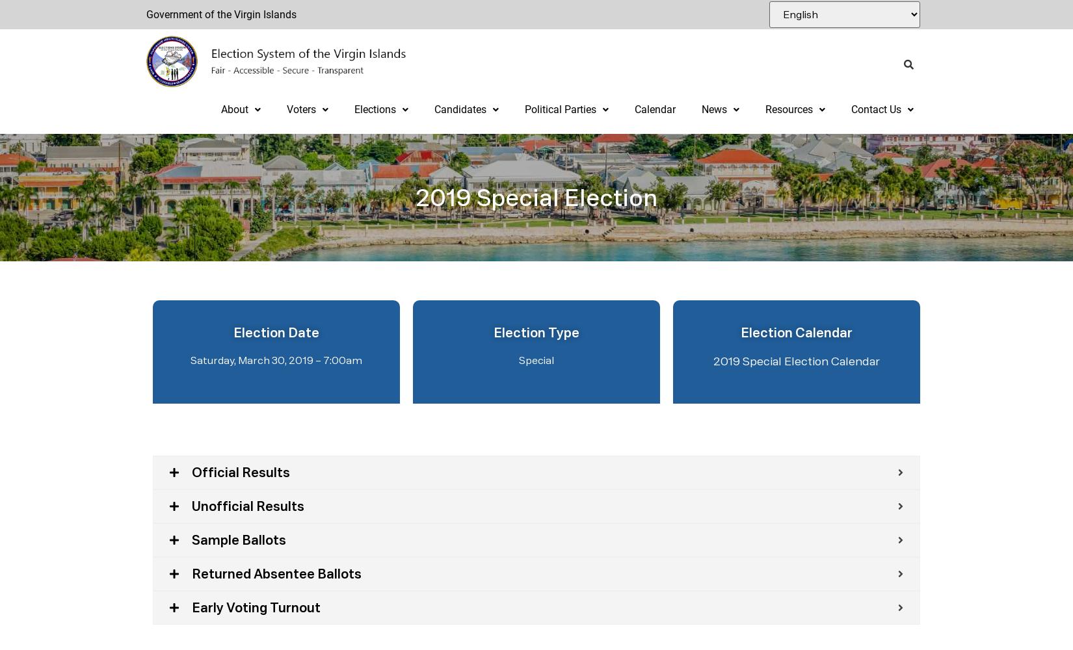 This screenshot has width=1073, height=650. What do you see at coordinates (524, 155) in the screenshot?
I see `'Party Forms'` at bounding box center [524, 155].